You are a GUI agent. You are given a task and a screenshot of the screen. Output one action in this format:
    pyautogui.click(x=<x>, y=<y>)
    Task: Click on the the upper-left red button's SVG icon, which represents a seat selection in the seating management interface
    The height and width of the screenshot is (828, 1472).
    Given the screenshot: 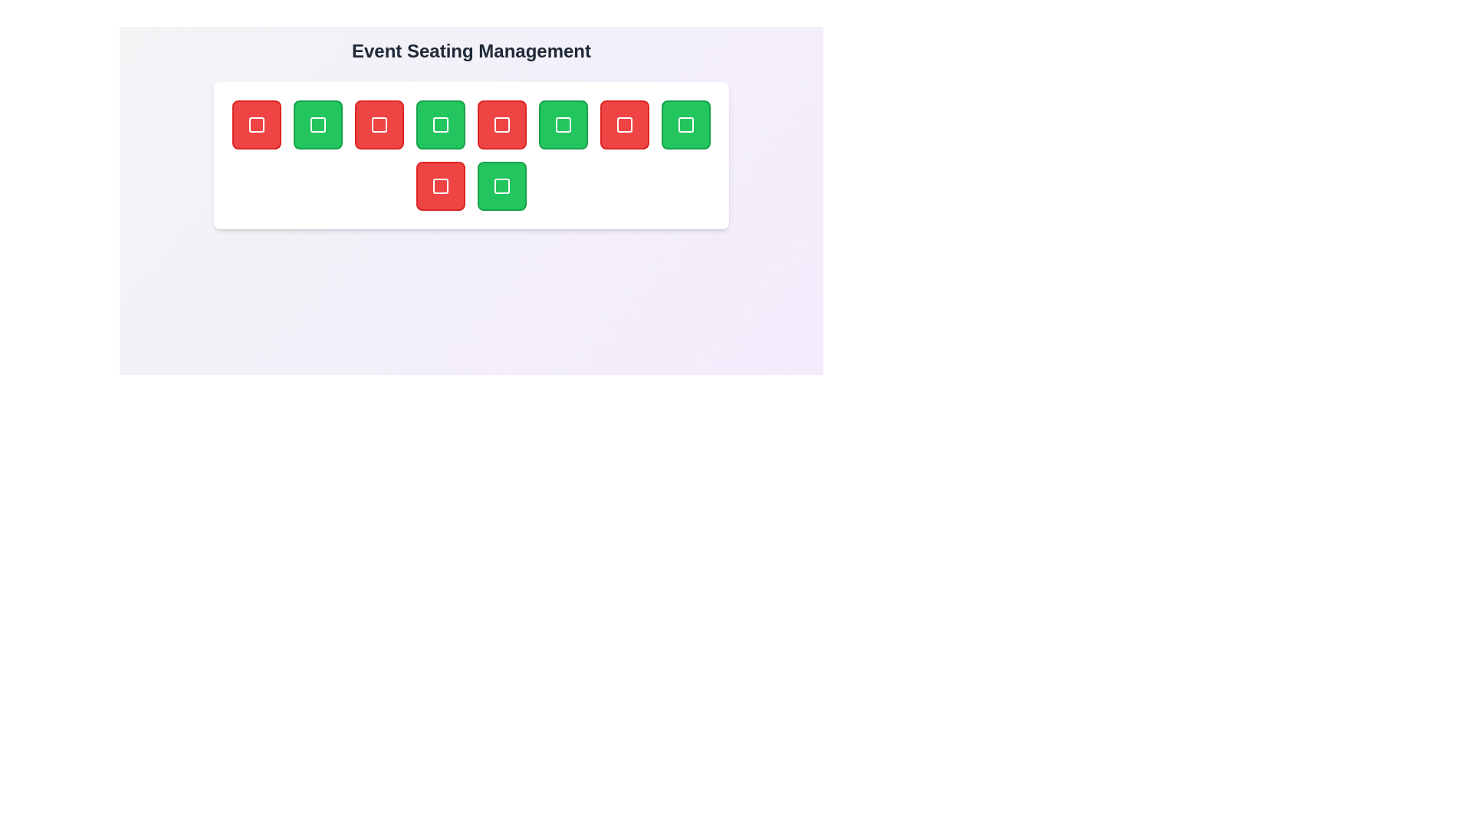 What is the action you would take?
    pyautogui.click(x=257, y=123)
    